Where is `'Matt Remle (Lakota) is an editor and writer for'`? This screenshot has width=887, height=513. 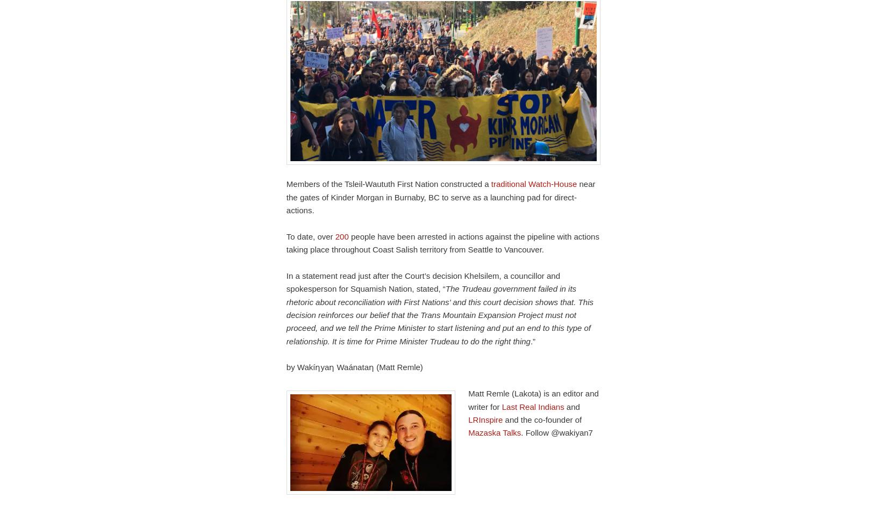 'Matt Remle (Lakota) is an editor and writer for' is located at coordinates (533, 399).